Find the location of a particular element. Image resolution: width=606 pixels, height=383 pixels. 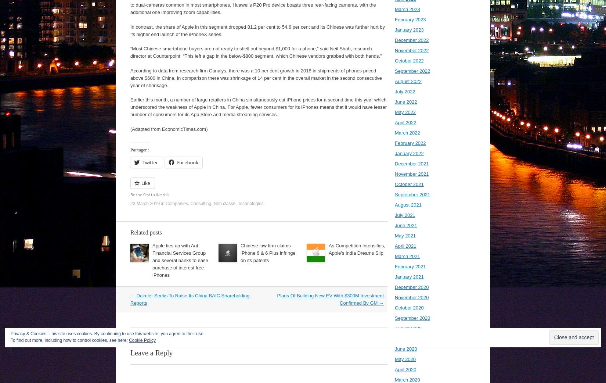

'February 2023' is located at coordinates (410, 19).